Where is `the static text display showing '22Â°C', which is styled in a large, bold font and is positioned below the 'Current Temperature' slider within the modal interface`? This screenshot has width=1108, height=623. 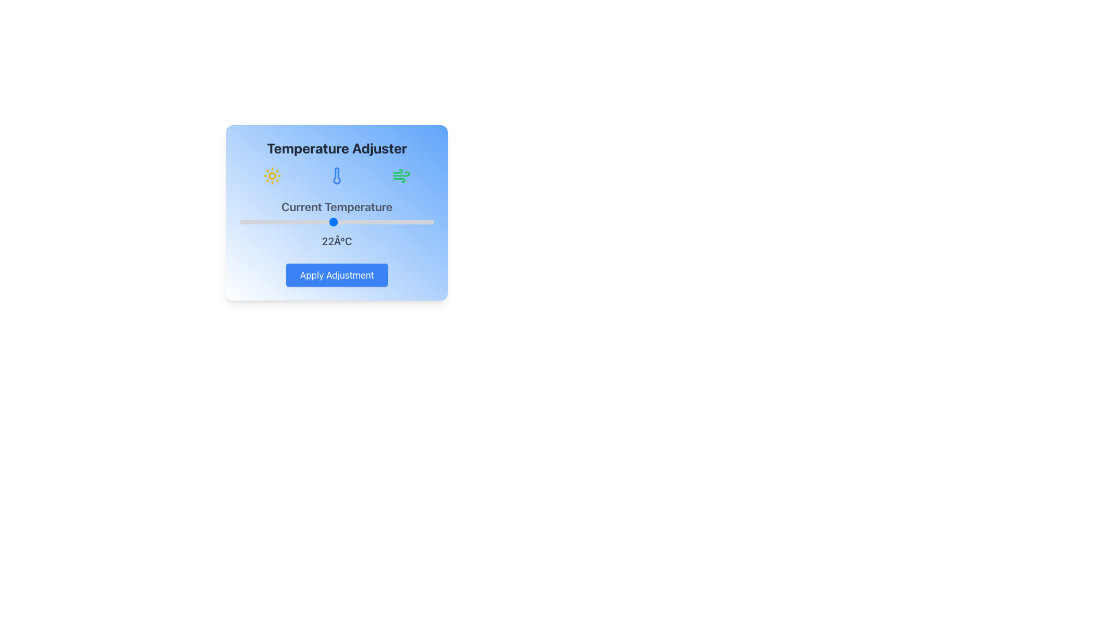 the static text display showing '22Â°C', which is styled in a large, bold font and is positioned below the 'Current Temperature' slider within the modal interface is located at coordinates (336, 241).